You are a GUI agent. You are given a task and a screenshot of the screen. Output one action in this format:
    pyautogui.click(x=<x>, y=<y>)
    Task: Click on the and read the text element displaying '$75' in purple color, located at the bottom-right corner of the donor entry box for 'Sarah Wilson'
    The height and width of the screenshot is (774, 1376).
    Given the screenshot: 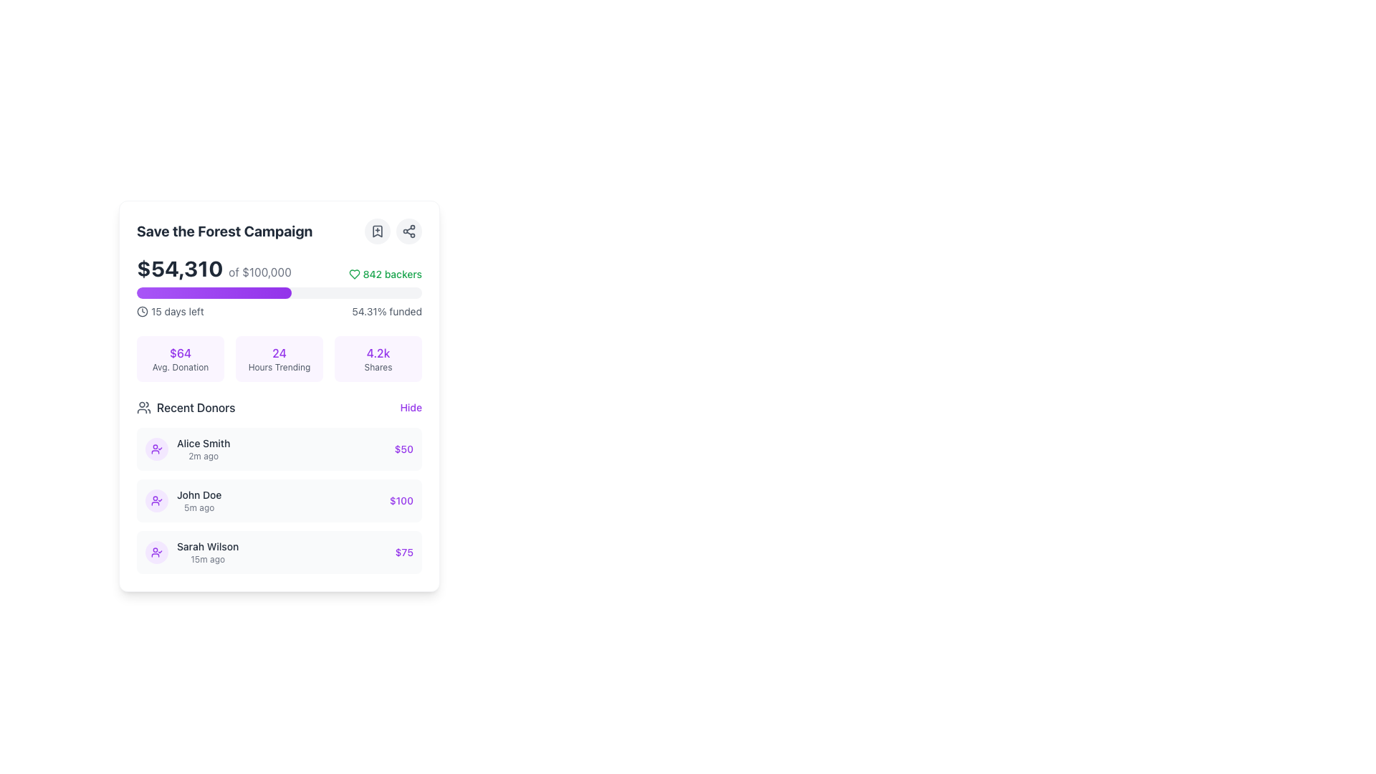 What is the action you would take?
    pyautogui.click(x=403, y=552)
    